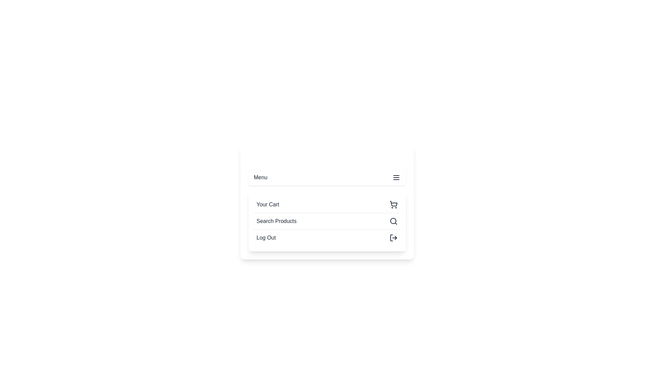  I want to click on the circular icon element within the search icon that is part of a structured SVG drawing, so click(393, 221).